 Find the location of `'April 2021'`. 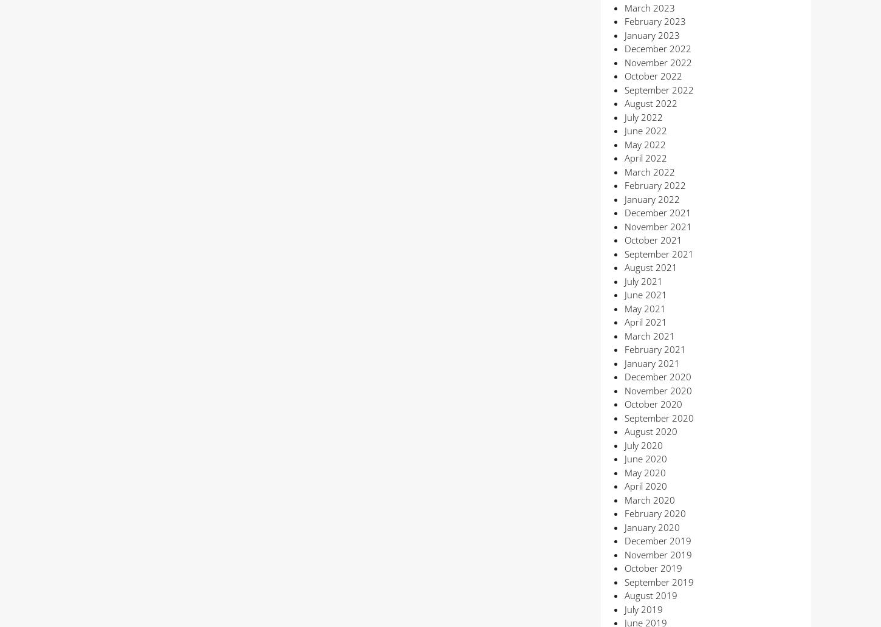

'April 2021' is located at coordinates (645, 322).